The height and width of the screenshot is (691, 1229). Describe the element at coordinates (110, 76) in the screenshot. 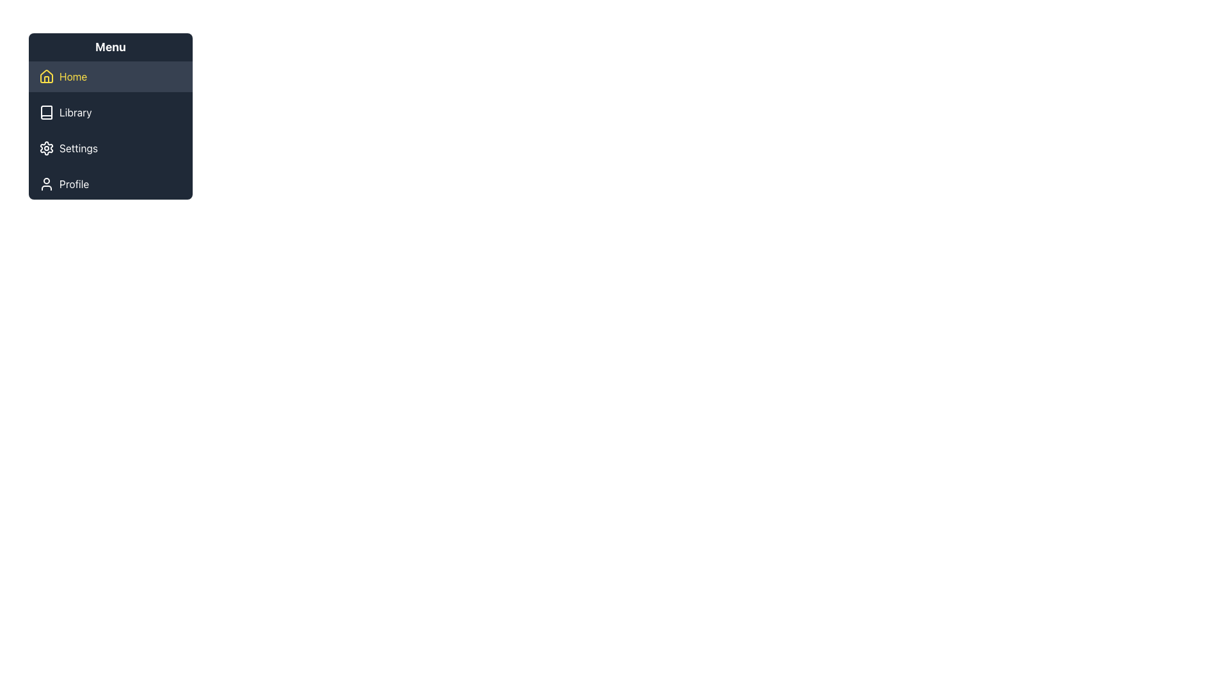

I see `the 'Home' menu item, which is the first item in the vertical navigation menu` at that location.